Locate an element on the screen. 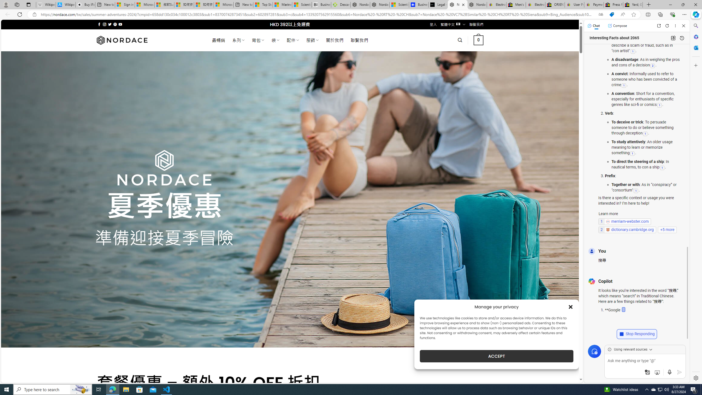  'Follow on Twitter' is located at coordinates (109, 24).